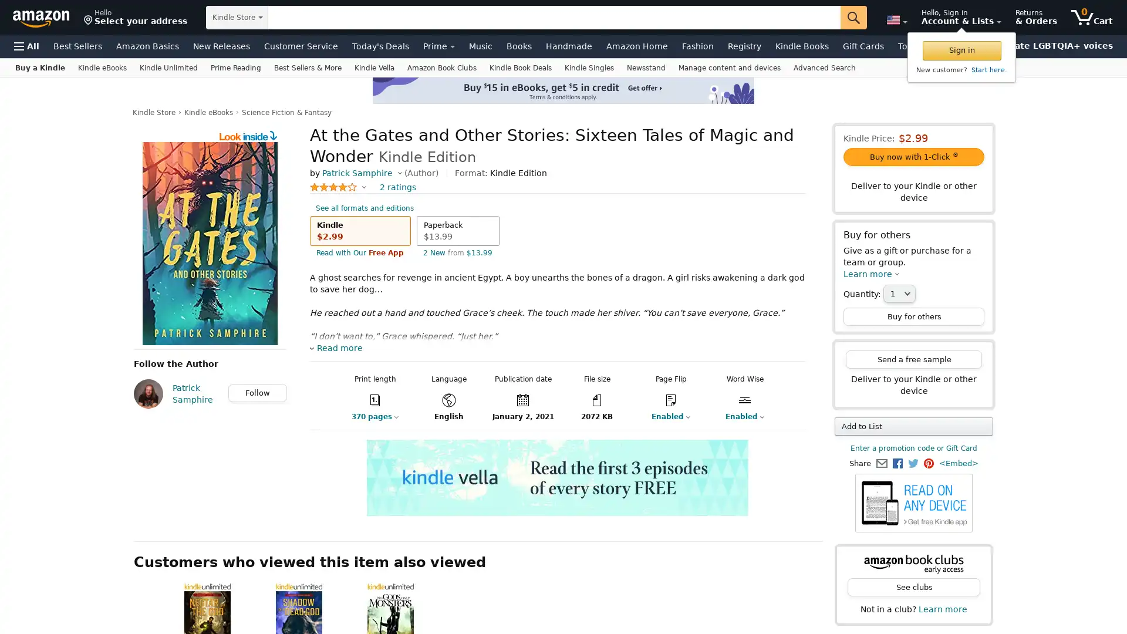 This screenshot has height=634, width=1127. I want to click on Read more, so click(335, 348).